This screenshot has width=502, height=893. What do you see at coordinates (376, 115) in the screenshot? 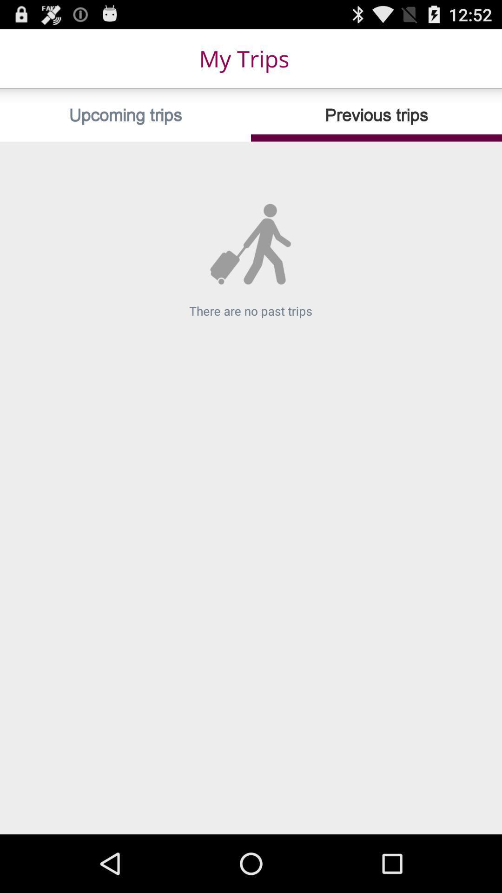
I see `the icon below my trips item` at bounding box center [376, 115].